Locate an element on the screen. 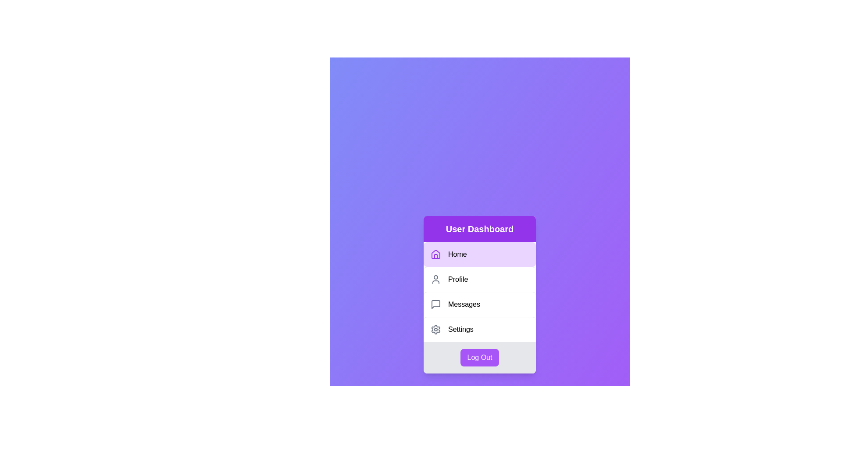 This screenshot has height=474, width=842. the 'Log Out' button is located at coordinates (479, 357).